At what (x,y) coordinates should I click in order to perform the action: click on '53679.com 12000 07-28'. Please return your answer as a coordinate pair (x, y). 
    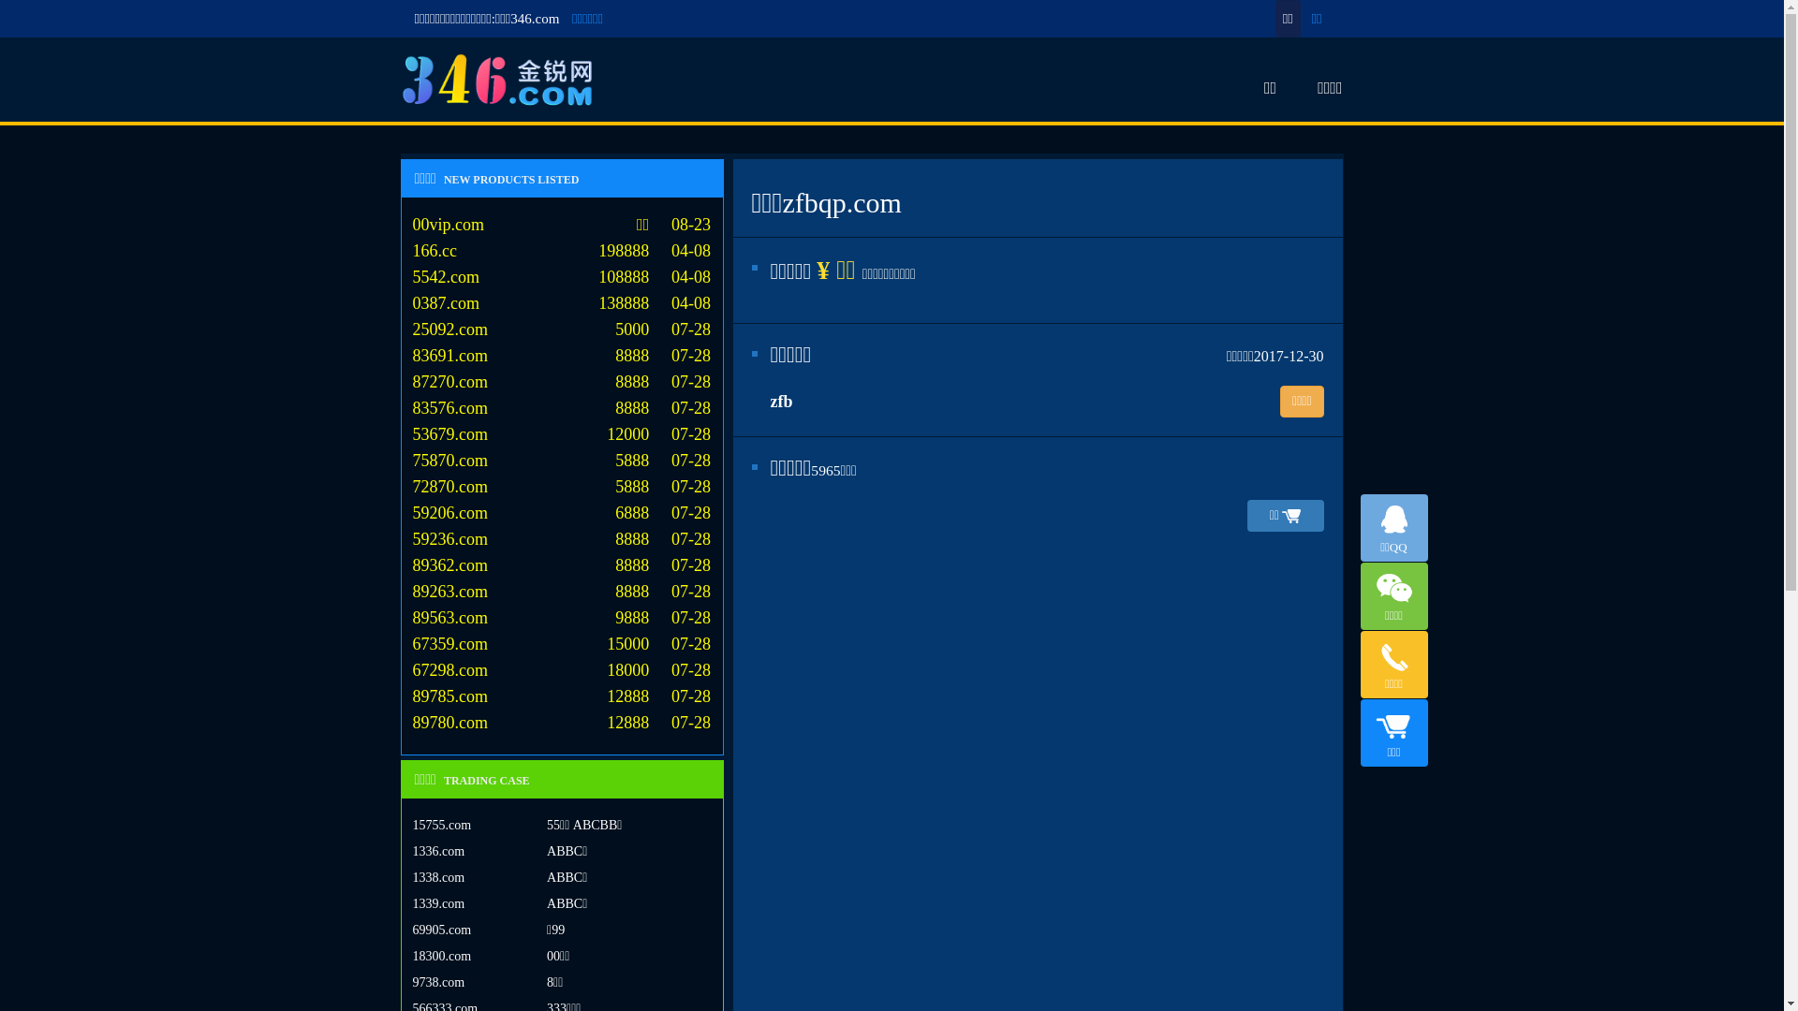
    Looking at the image, I should click on (560, 441).